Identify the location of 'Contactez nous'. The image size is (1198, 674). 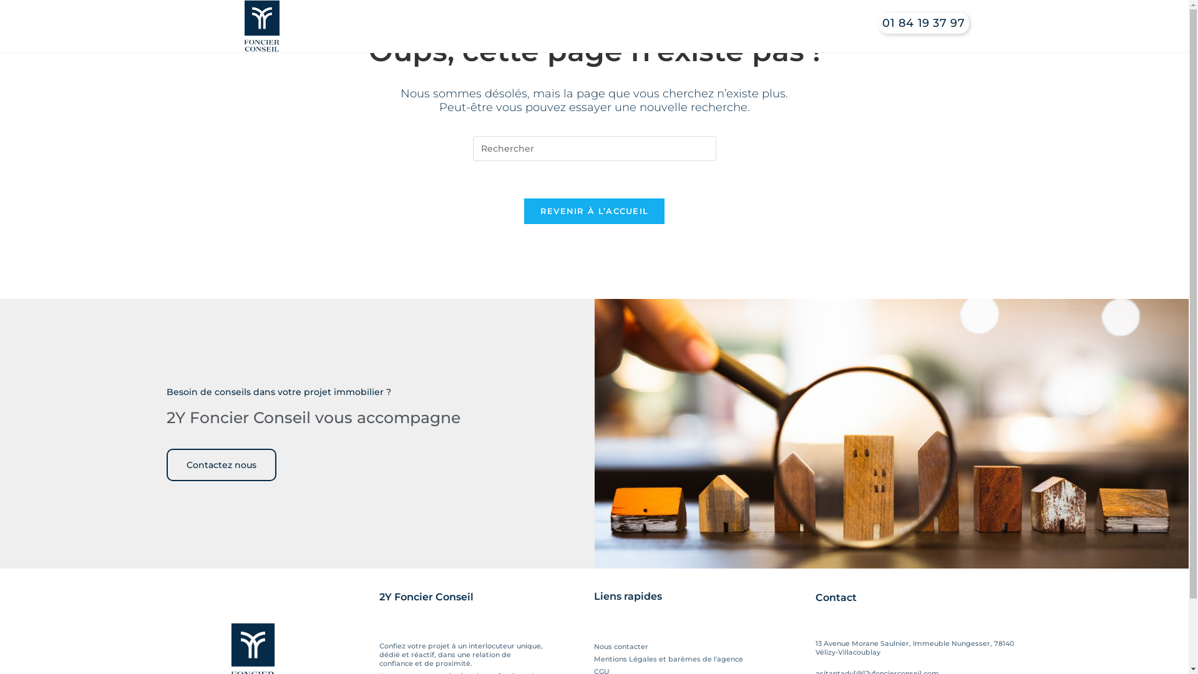
(222, 464).